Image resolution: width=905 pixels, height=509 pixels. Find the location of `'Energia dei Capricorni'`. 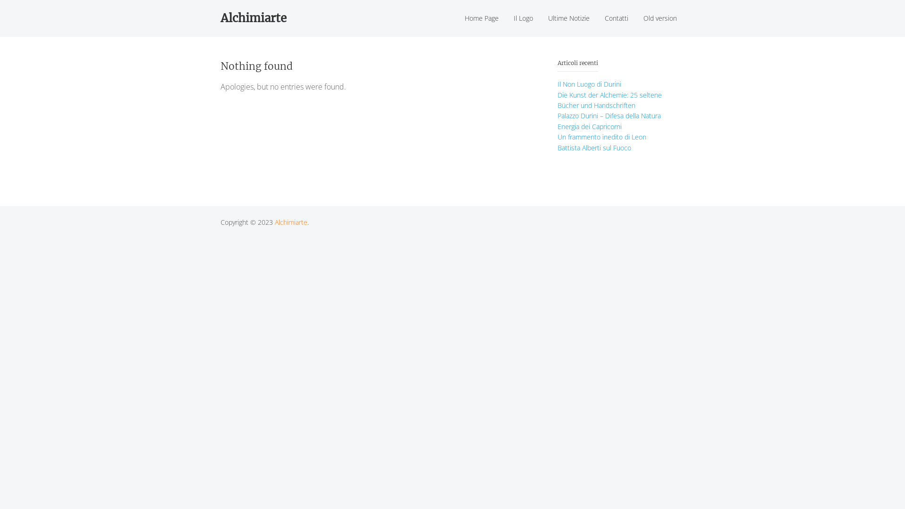

'Energia dei Capricorni' is located at coordinates (589, 126).